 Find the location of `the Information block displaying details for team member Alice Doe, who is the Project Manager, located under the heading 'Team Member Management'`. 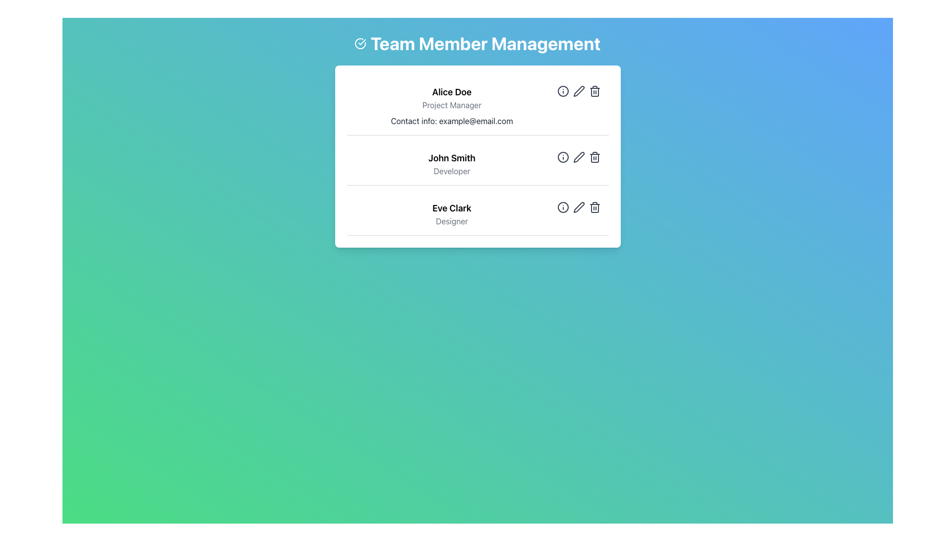

the Information block displaying details for team member Alice Doe, who is the Project Manager, located under the heading 'Team Member Management' is located at coordinates (477, 106).